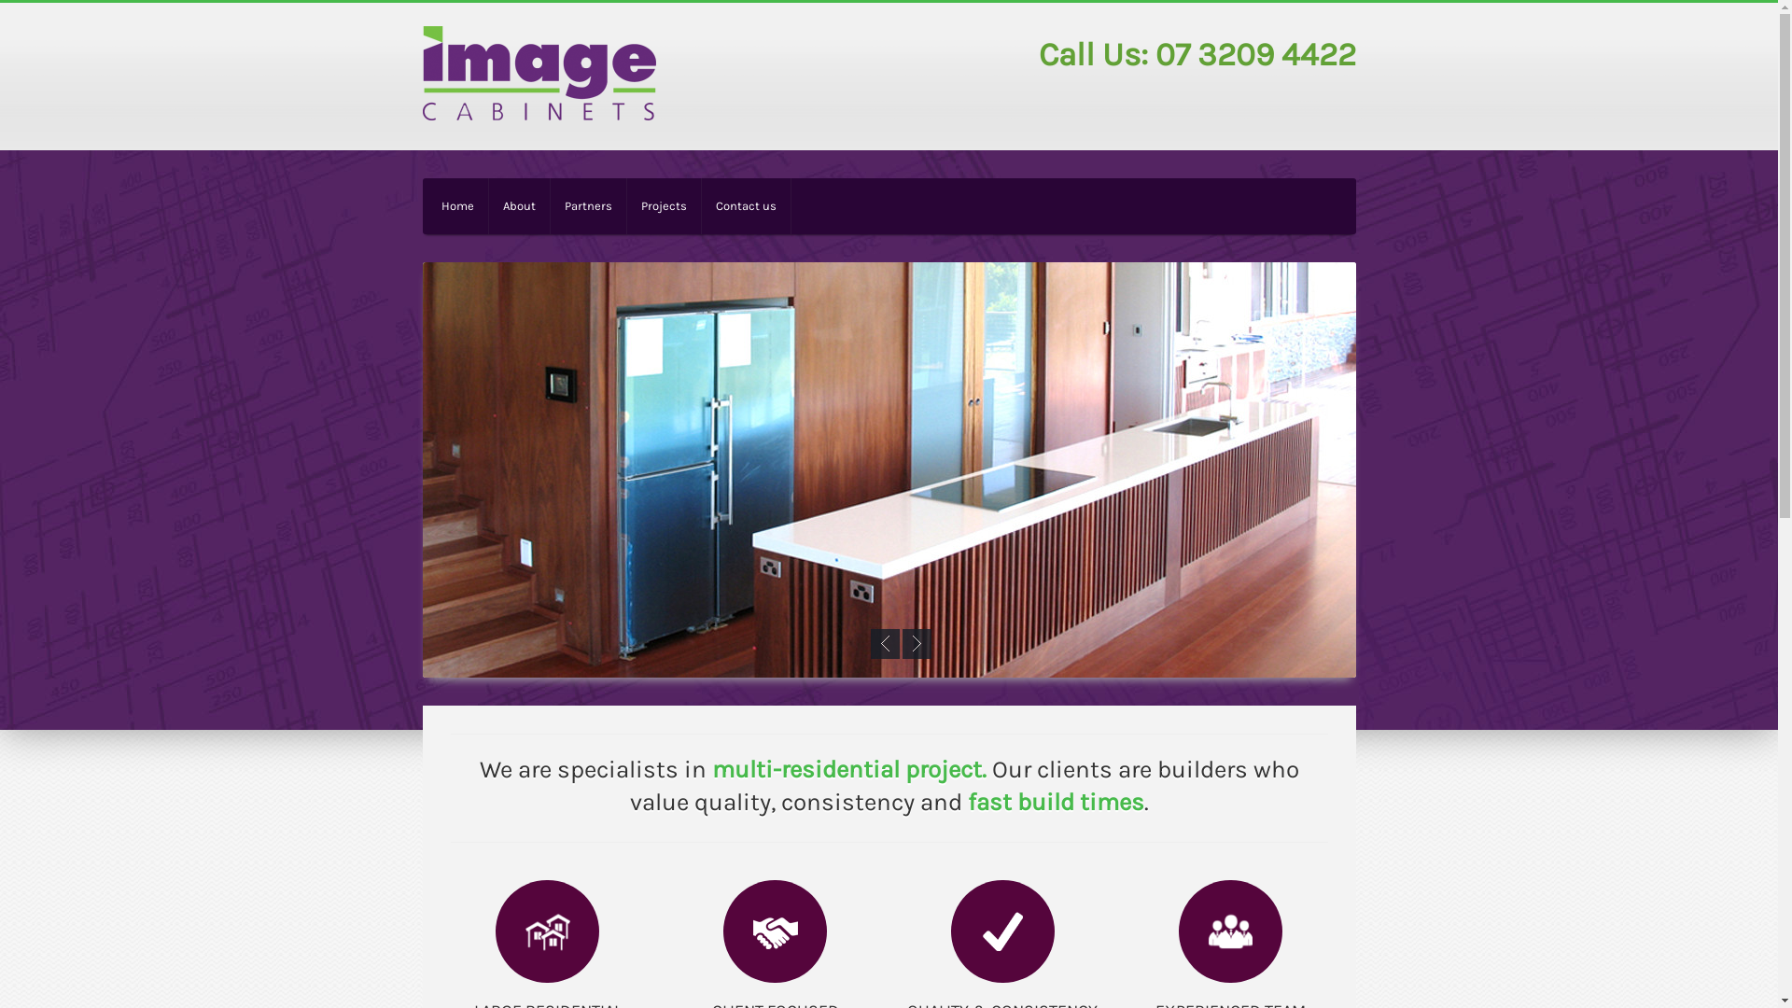 The width and height of the screenshot is (1792, 1008). I want to click on 'Home', so click(454, 204).